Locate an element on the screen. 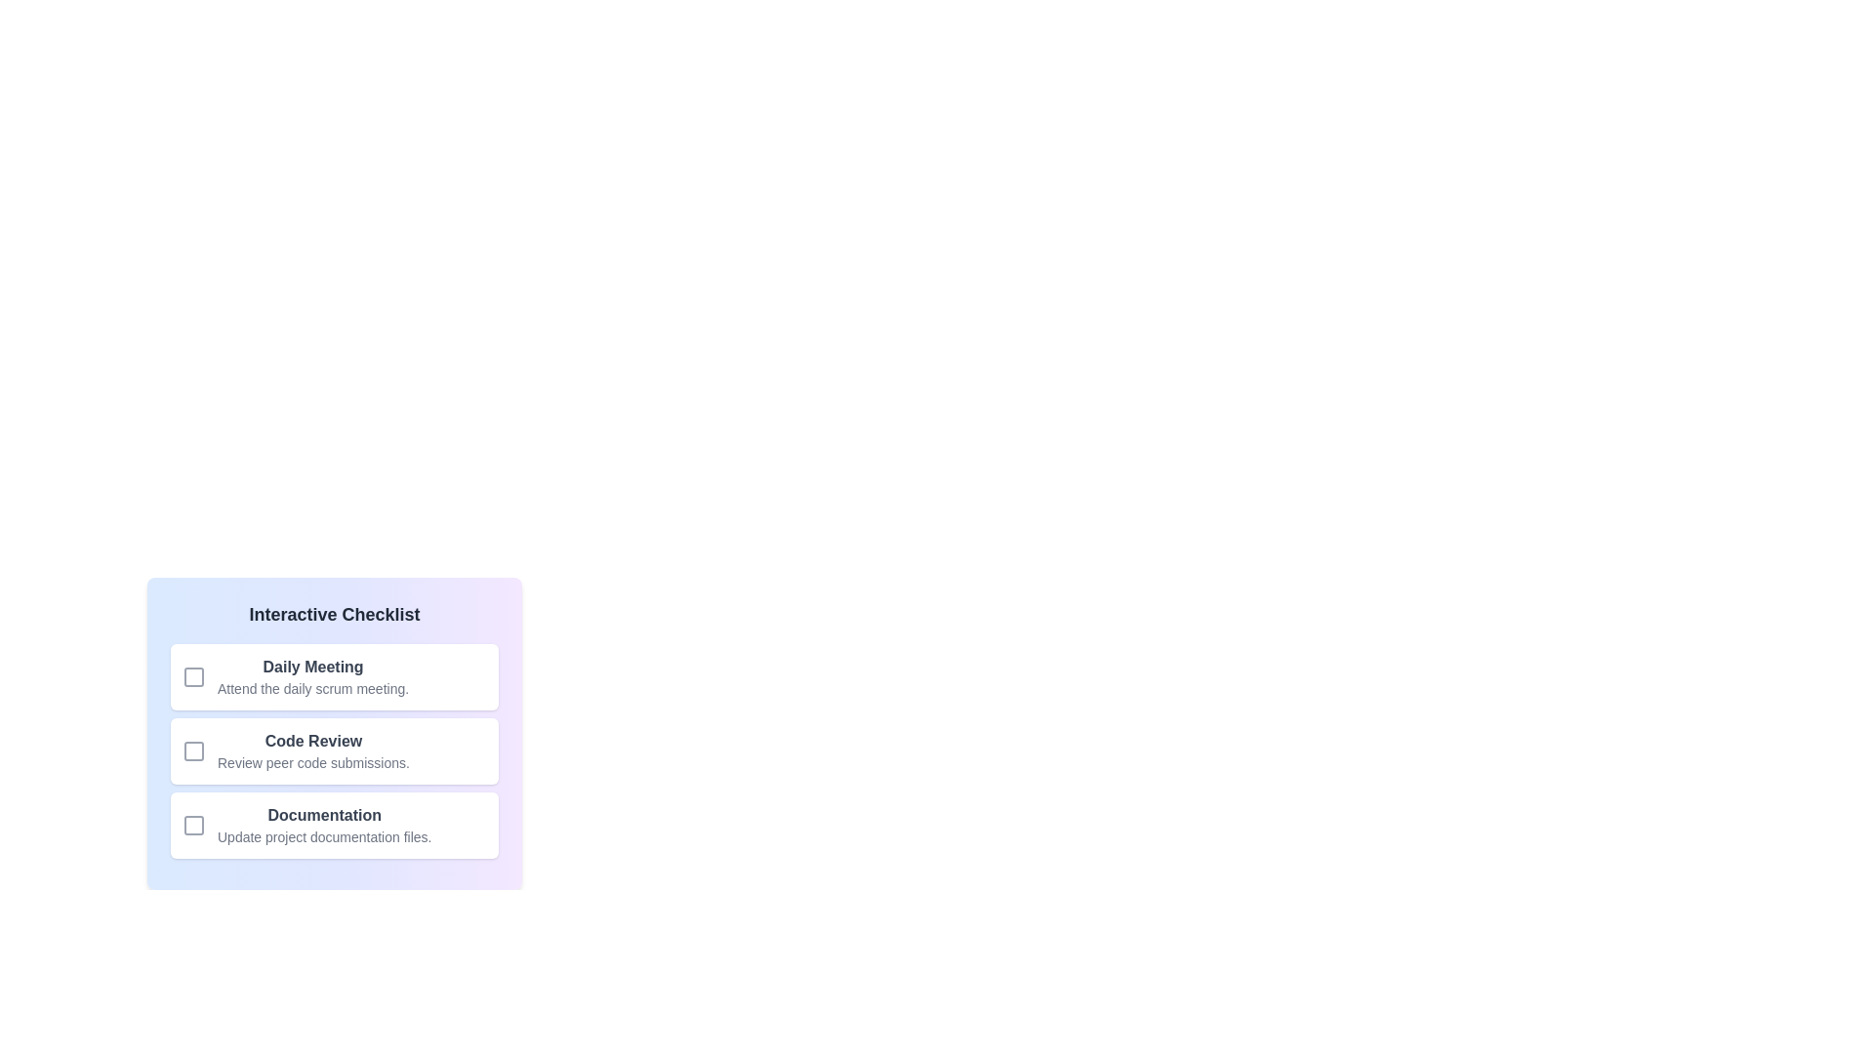  the static text label displaying 'Attend the daily scrum meeting.' which is located below the bold title 'Daily Meeting' in the interactive checklist is located at coordinates (313, 687).